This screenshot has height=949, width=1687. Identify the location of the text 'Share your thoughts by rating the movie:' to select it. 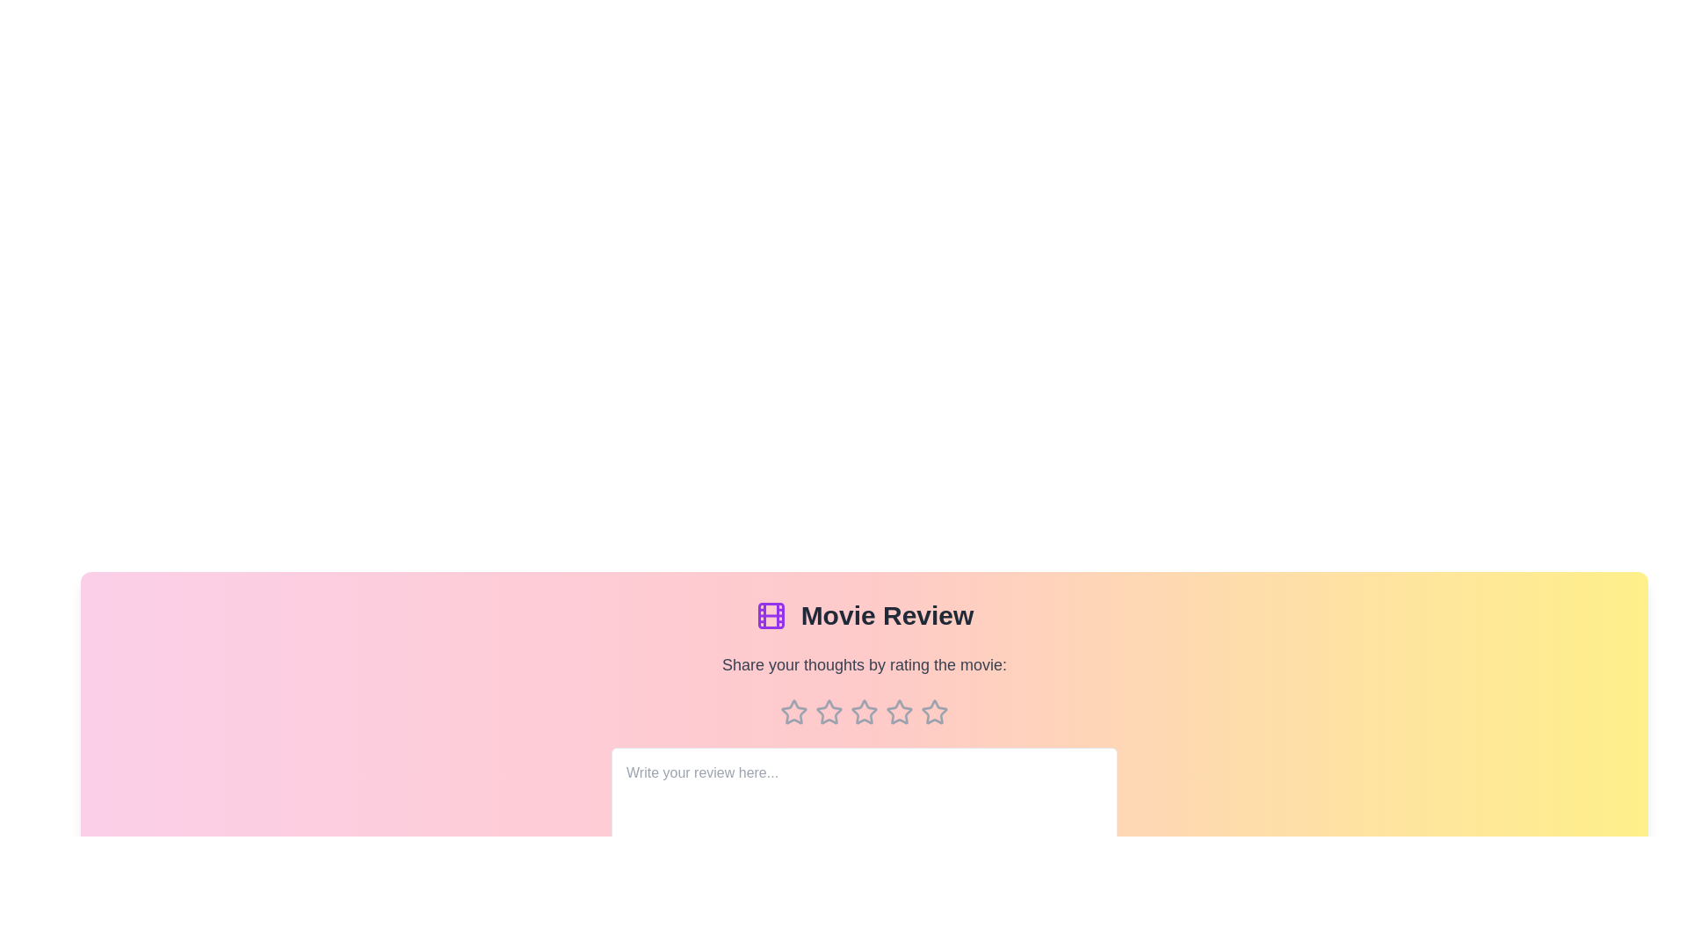
(864, 664).